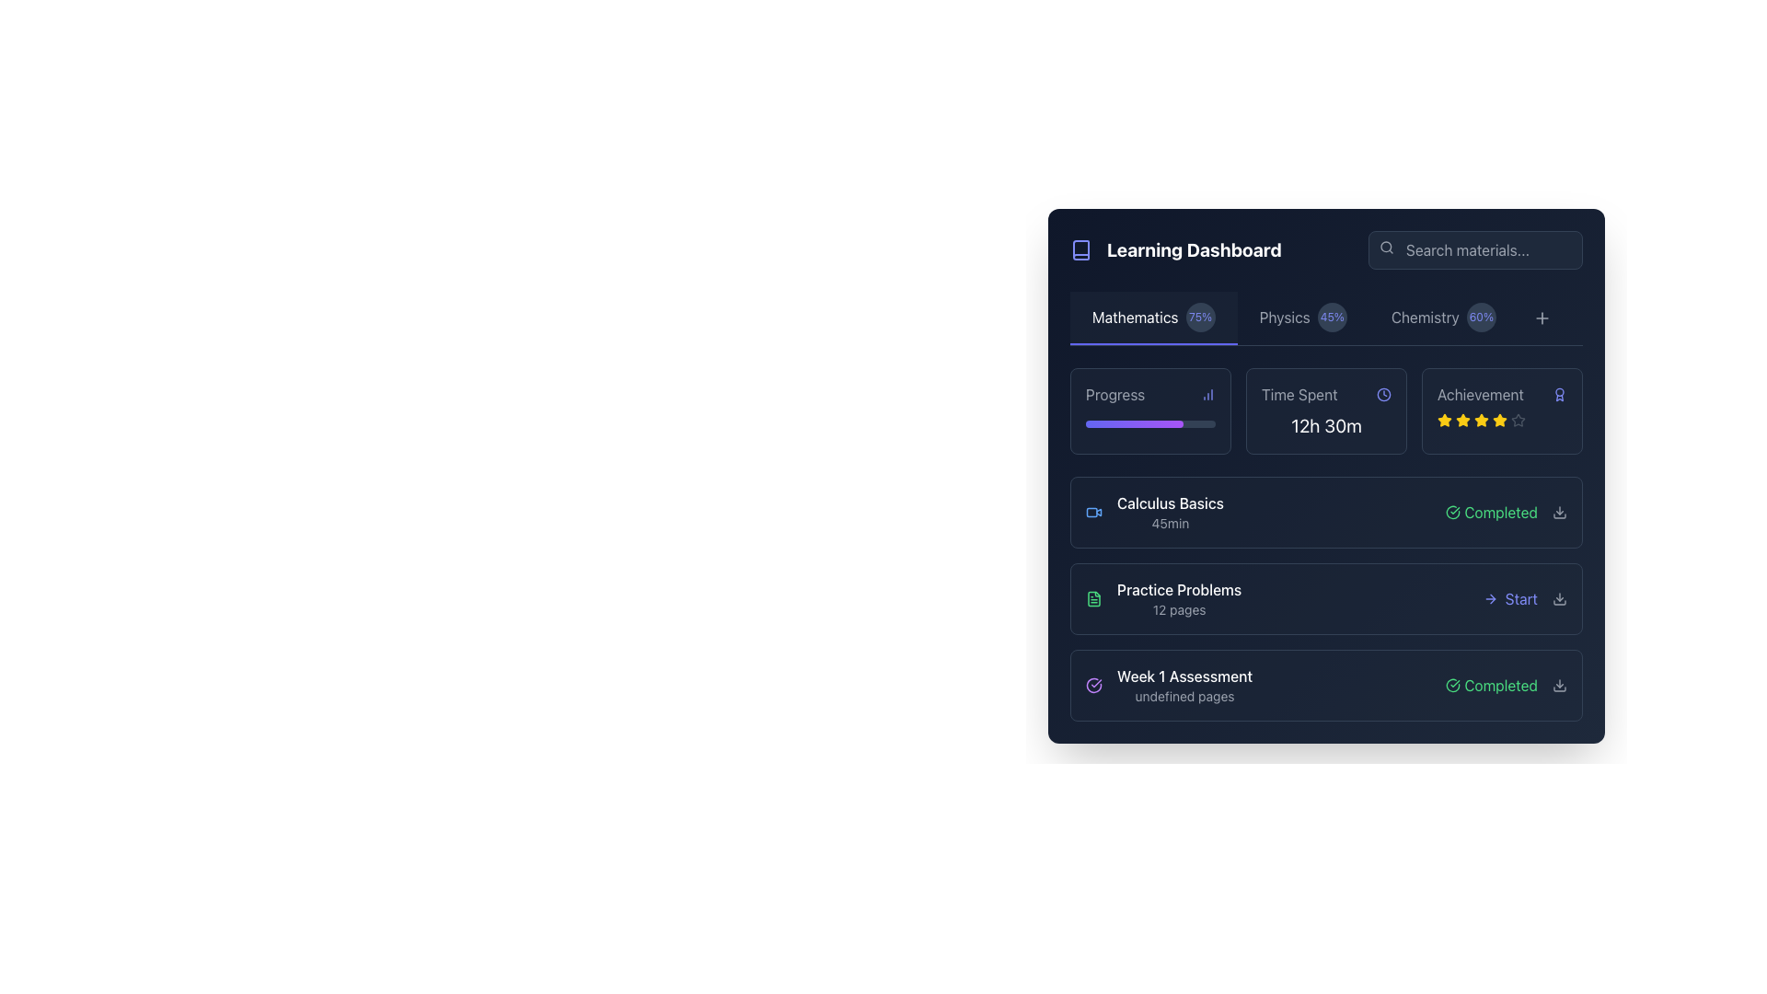 The height and width of the screenshot is (994, 1767). Describe the element at coordinates (1302, 318) in the screenshot. I see `the 'Physics' tab in the Learning Dashboard, which is the second tab in a horizontal list of three tabs` at that location.